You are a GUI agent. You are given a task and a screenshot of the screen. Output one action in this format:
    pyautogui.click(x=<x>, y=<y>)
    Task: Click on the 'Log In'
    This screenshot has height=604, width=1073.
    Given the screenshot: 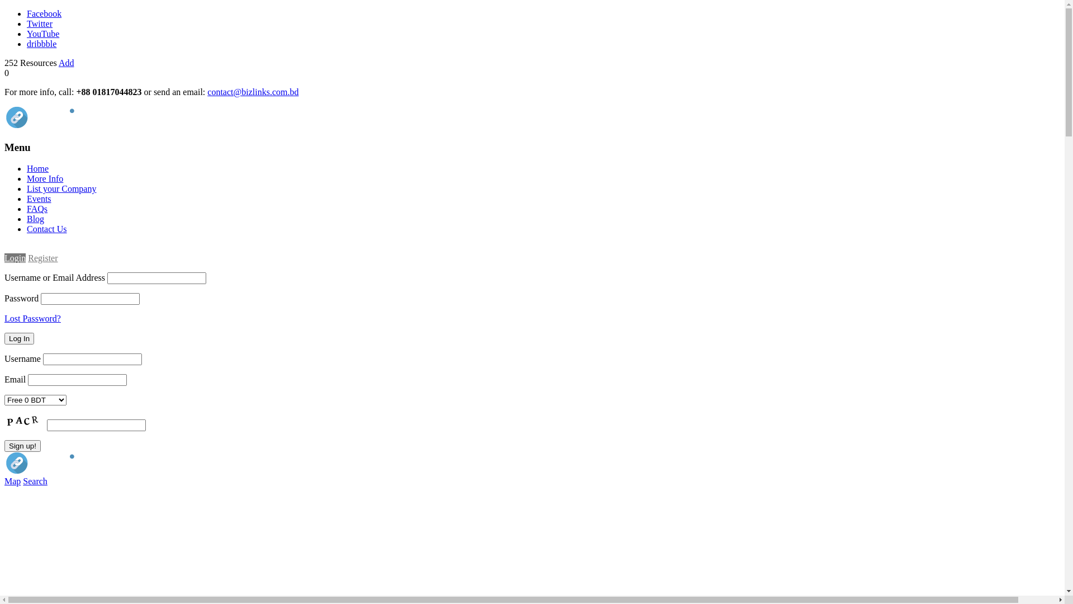 What is the action you would take?
    pyautogui.click(x=19, y=338)
    